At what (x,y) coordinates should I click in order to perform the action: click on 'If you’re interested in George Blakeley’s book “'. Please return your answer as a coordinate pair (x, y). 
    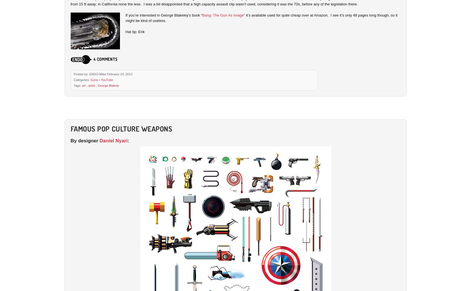
    Looking at the image, I should click on (125, 15).